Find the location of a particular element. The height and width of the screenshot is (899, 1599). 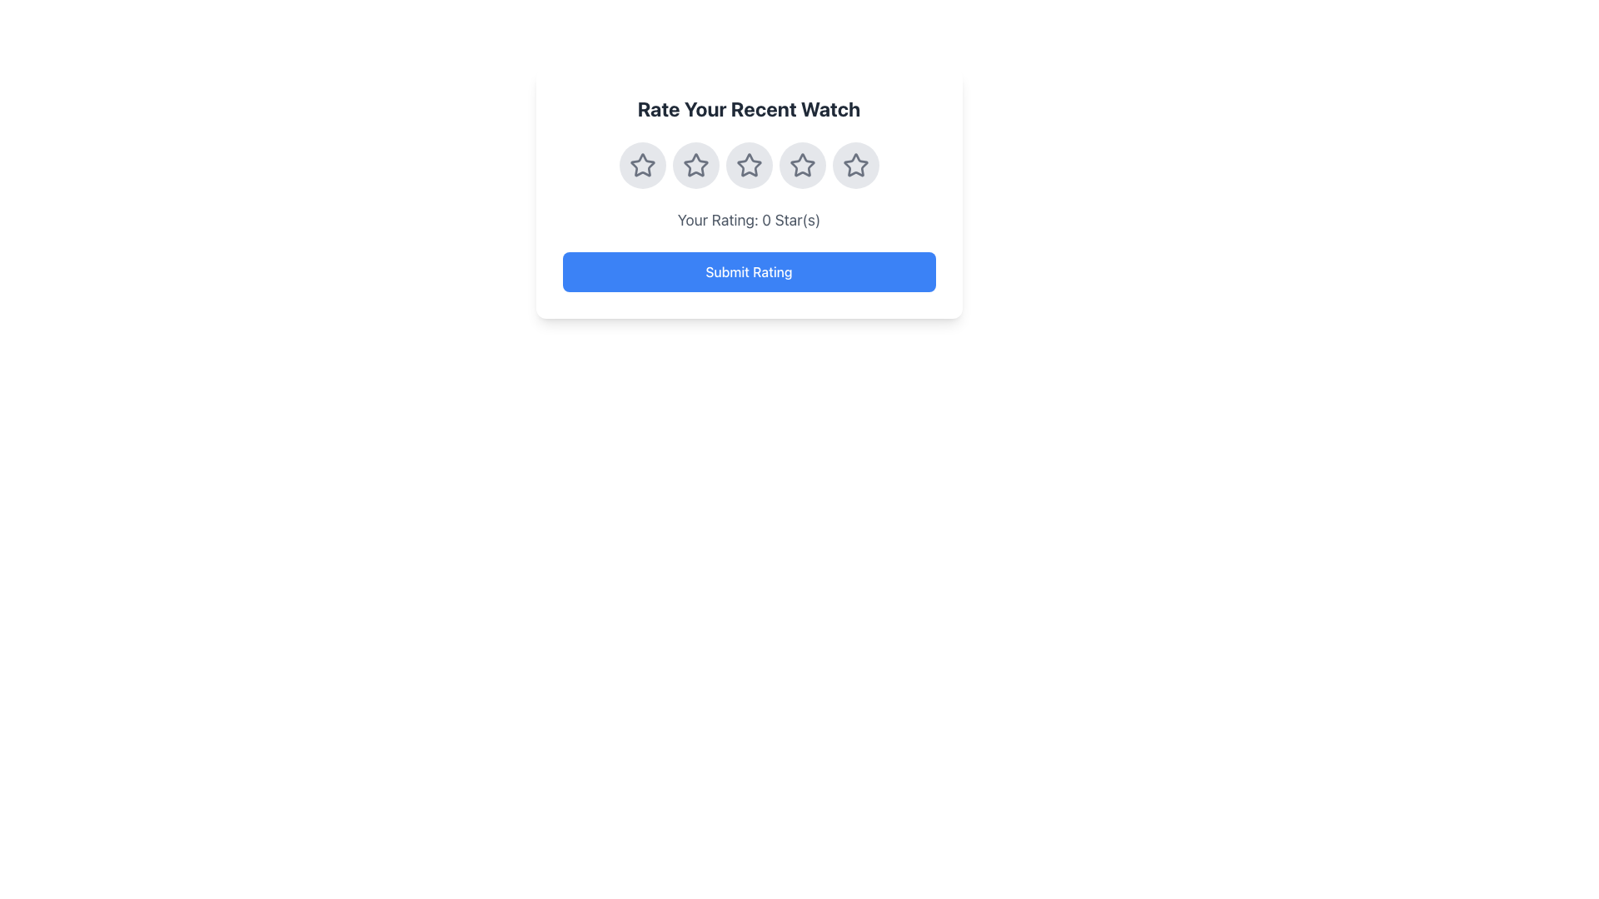

the fifth star rating button is located at coordinates (855, 166).